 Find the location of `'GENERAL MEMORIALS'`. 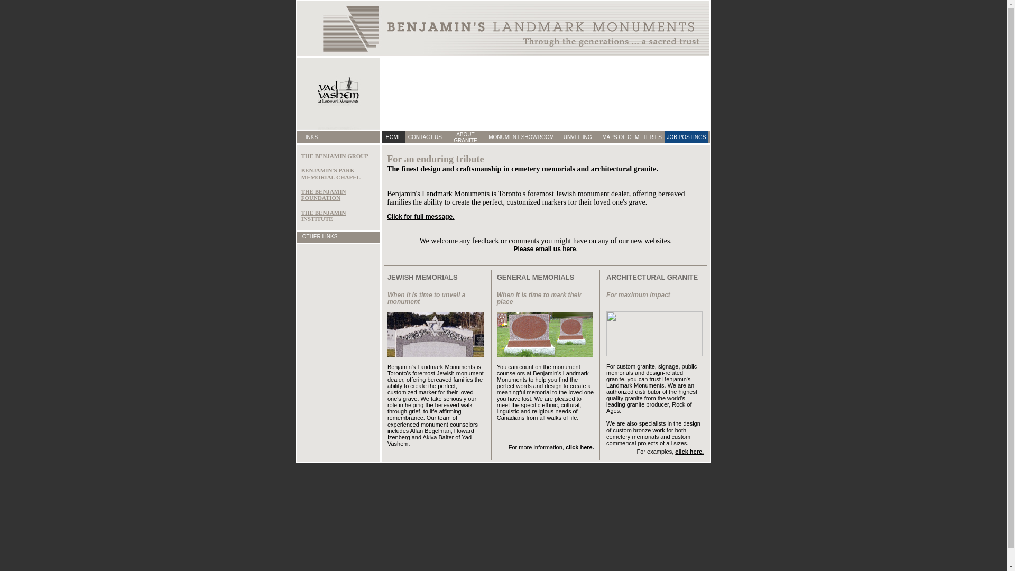

'GENERAL MEMORIALS' is located at coordinates (535, 277).